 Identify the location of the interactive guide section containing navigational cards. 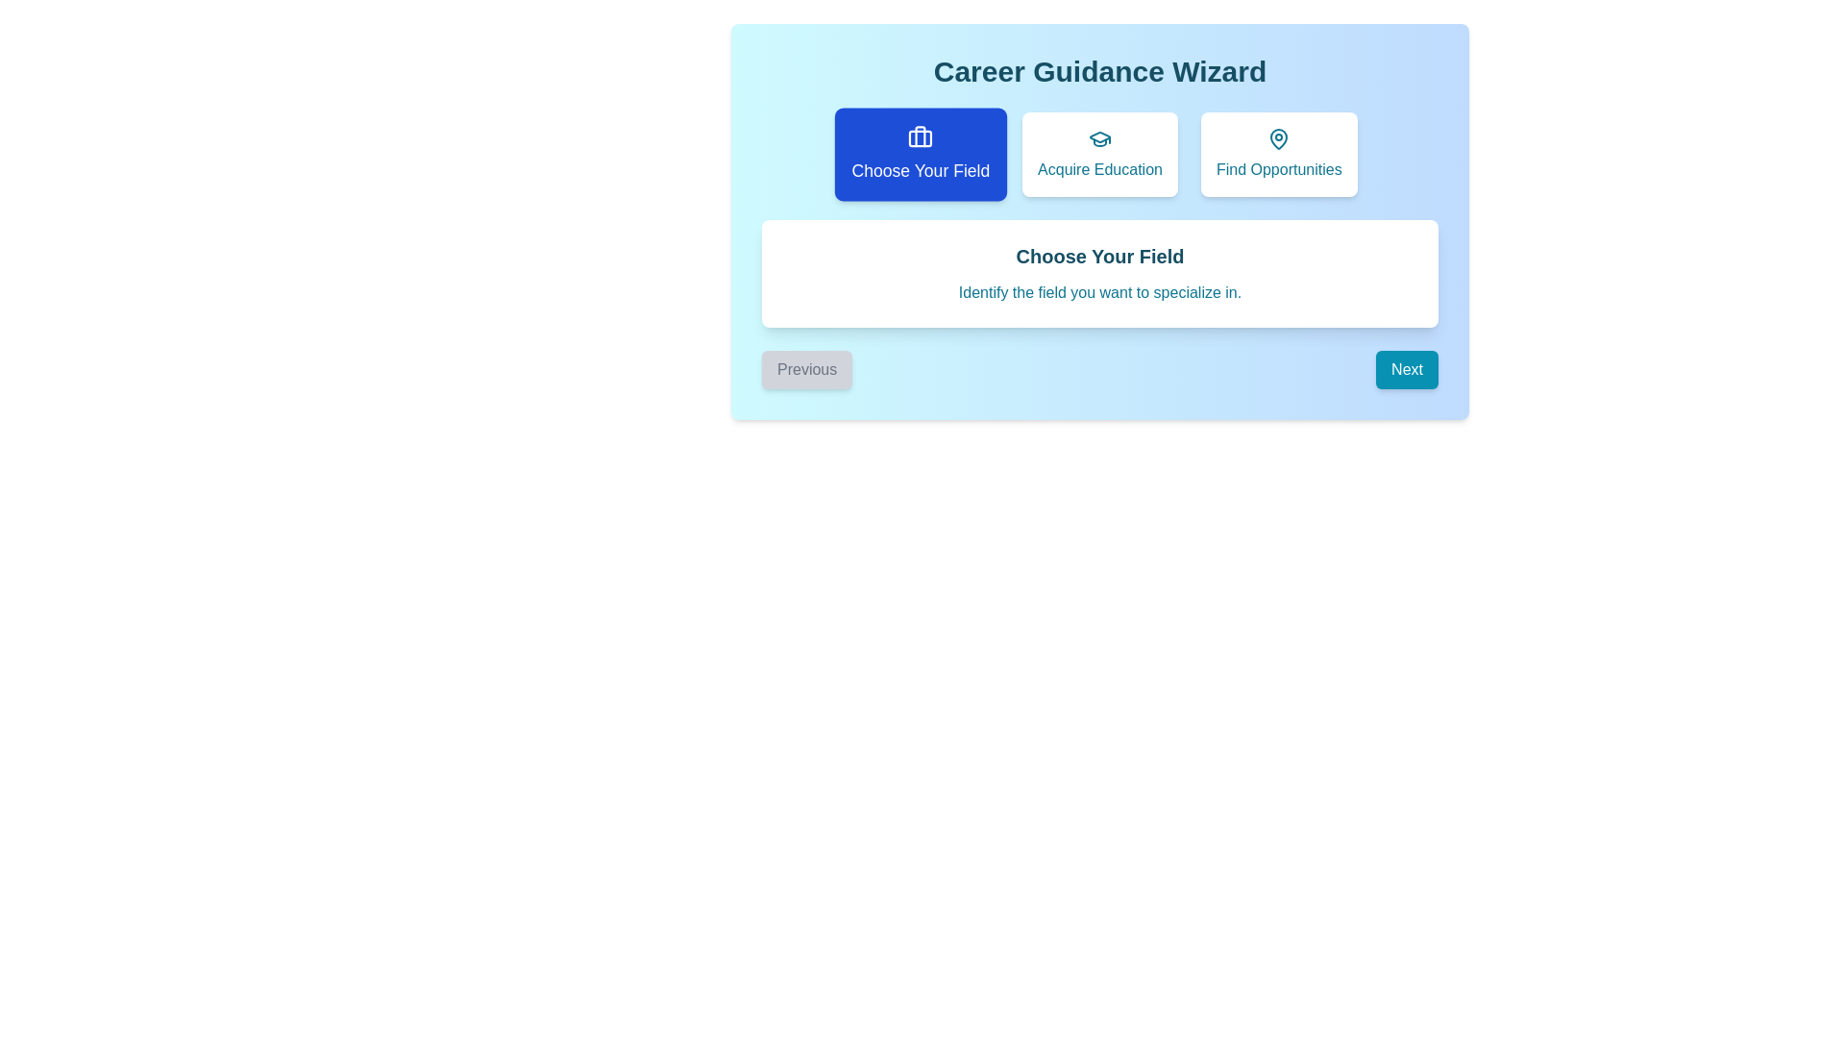
(1100, 221).